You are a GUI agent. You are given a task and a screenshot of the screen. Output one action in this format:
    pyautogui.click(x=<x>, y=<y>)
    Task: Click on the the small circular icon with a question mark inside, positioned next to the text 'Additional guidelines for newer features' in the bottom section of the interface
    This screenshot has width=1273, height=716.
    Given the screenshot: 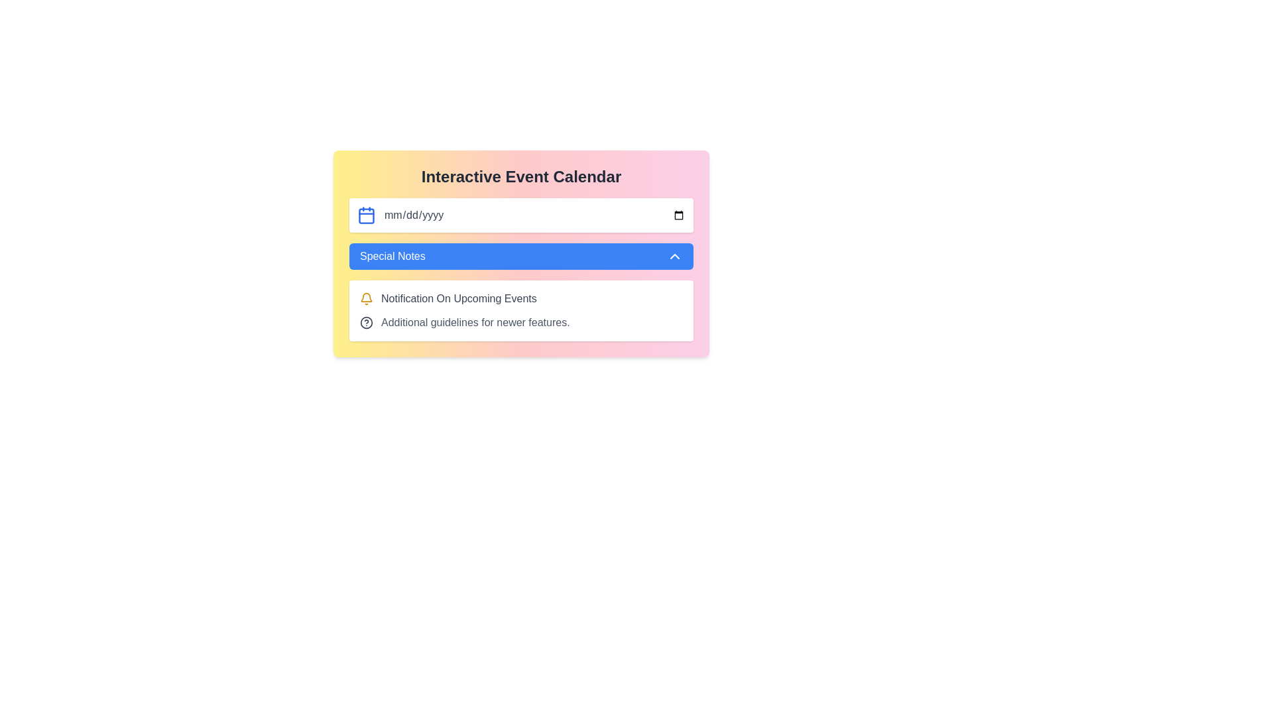 What is the action you would take?
    pyautogui.click(x=366, y=322)
    